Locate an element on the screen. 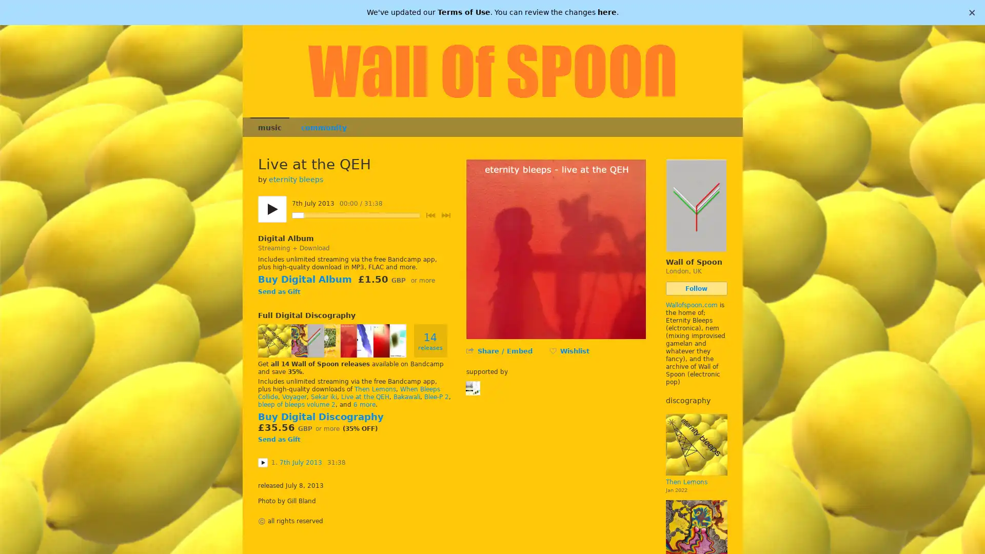  Previous track is located at coordinates (430, 215).